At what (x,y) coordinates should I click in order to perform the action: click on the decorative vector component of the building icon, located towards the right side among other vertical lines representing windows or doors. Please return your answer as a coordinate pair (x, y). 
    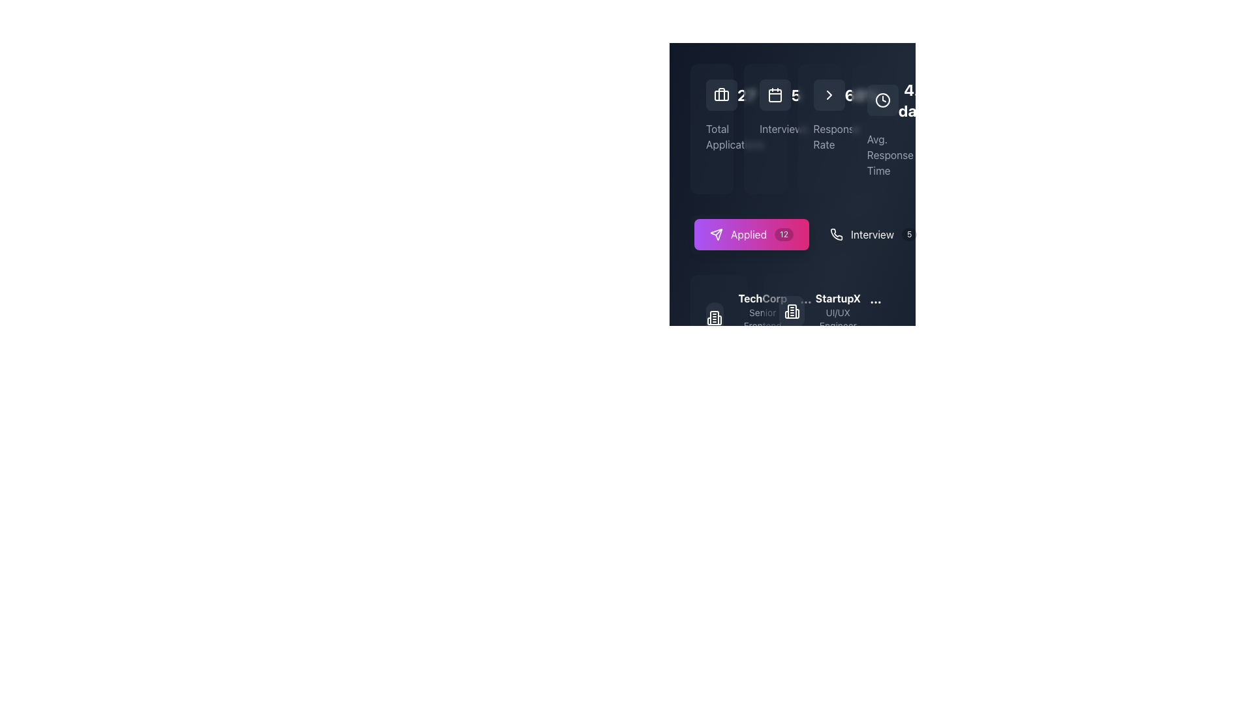
    Looking at the image, I should click on (796, 314).